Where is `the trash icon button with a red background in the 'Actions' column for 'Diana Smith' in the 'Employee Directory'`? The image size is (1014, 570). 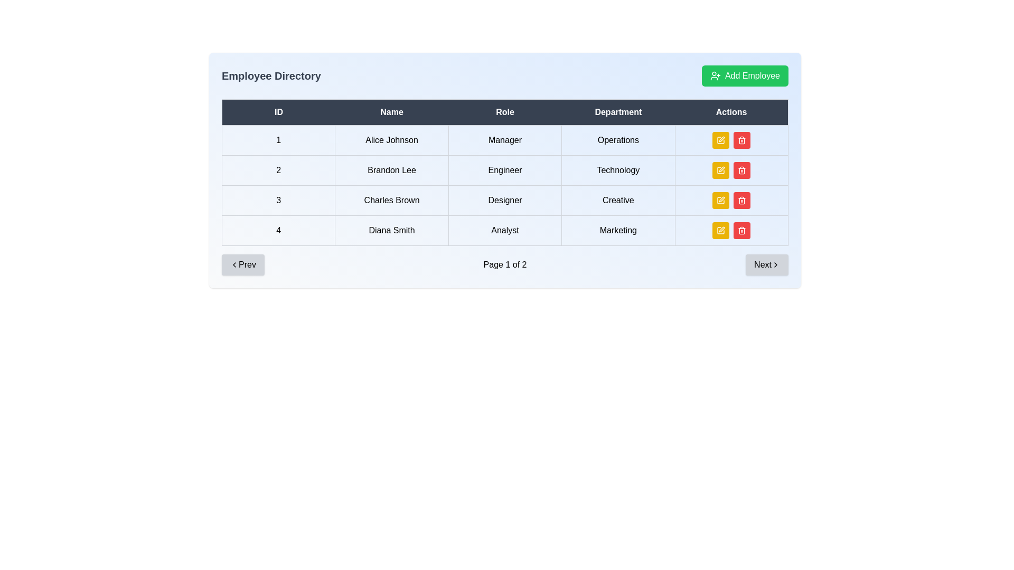 the trash icon button with a red background in the 'Actions' column for 'Diana Smith' in the 'Employee Directory' is located at coordinates (741, 201).